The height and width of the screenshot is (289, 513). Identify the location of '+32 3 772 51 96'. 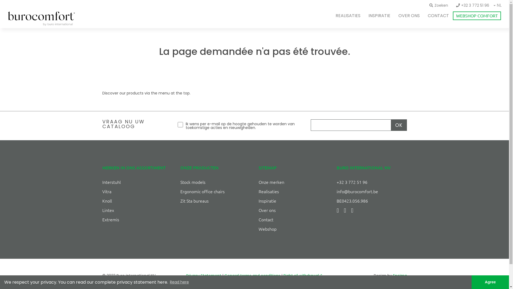
(352, 181).